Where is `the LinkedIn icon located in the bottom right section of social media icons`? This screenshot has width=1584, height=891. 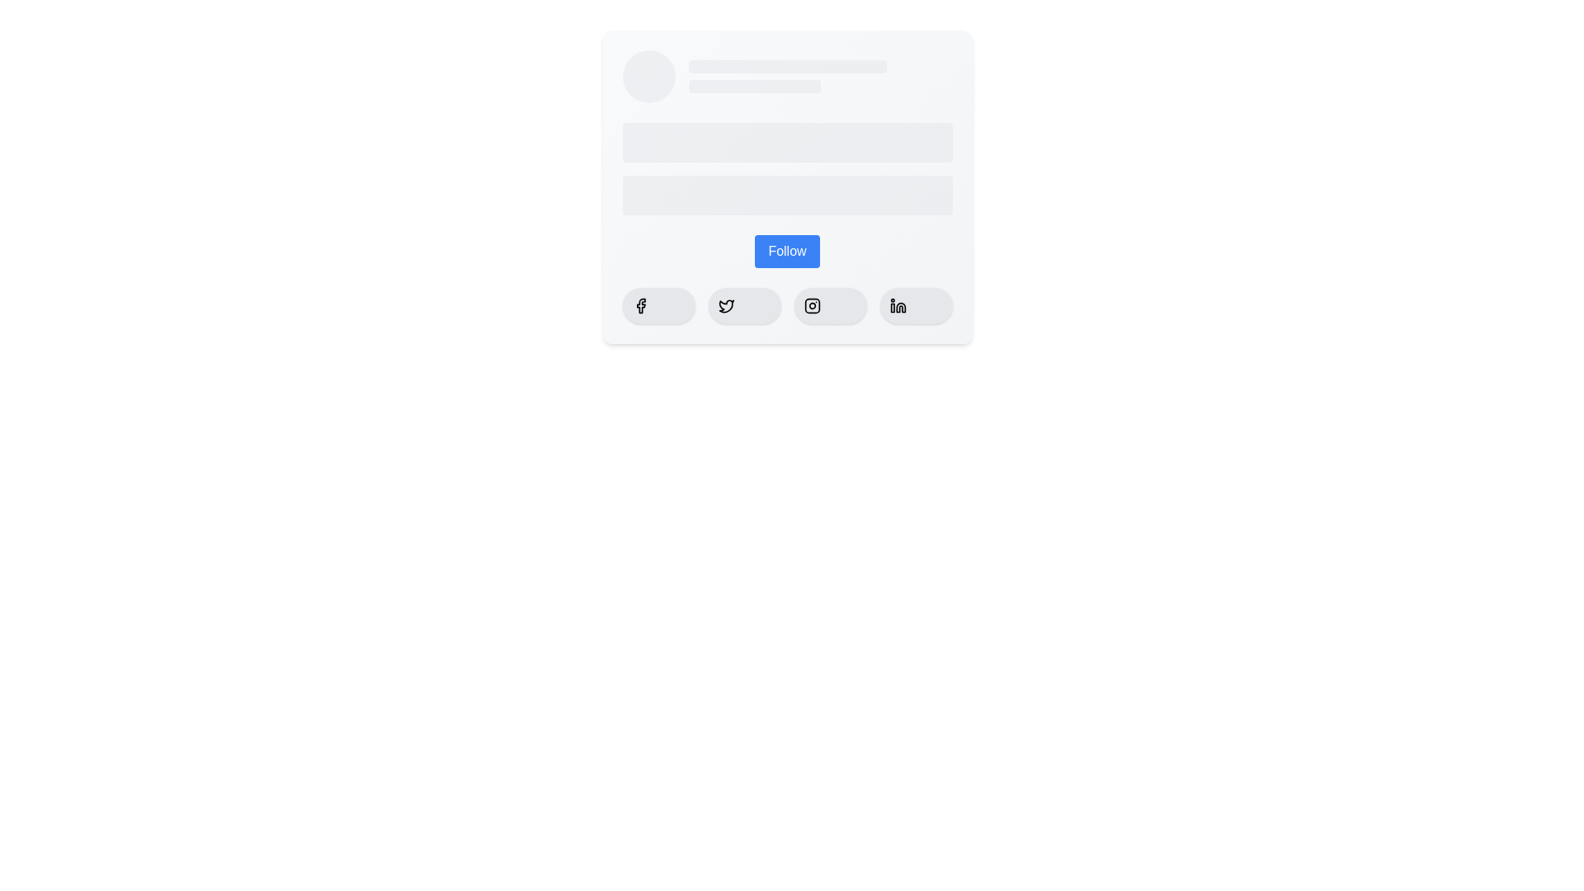 the LinkedIn icon located in the bottom right section of social media icons is located at coordinates (897, 305).